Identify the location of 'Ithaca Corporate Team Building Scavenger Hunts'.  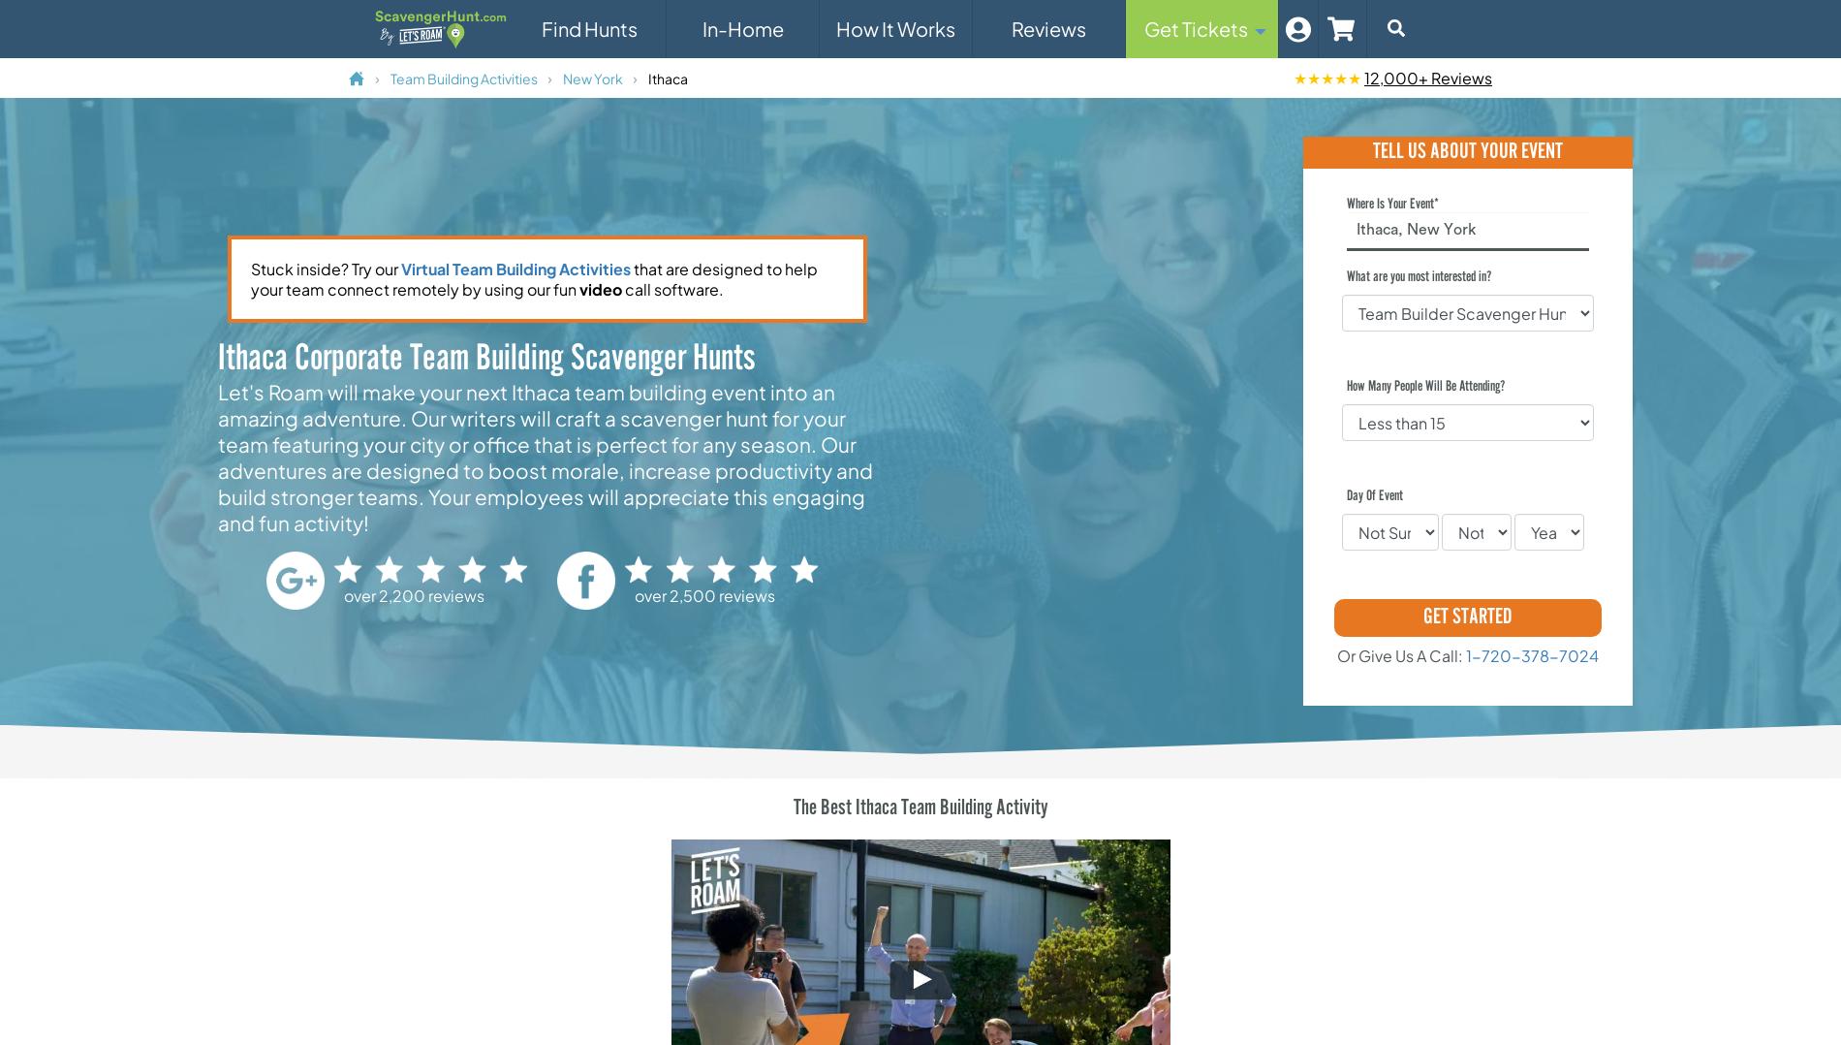
(486, 360).